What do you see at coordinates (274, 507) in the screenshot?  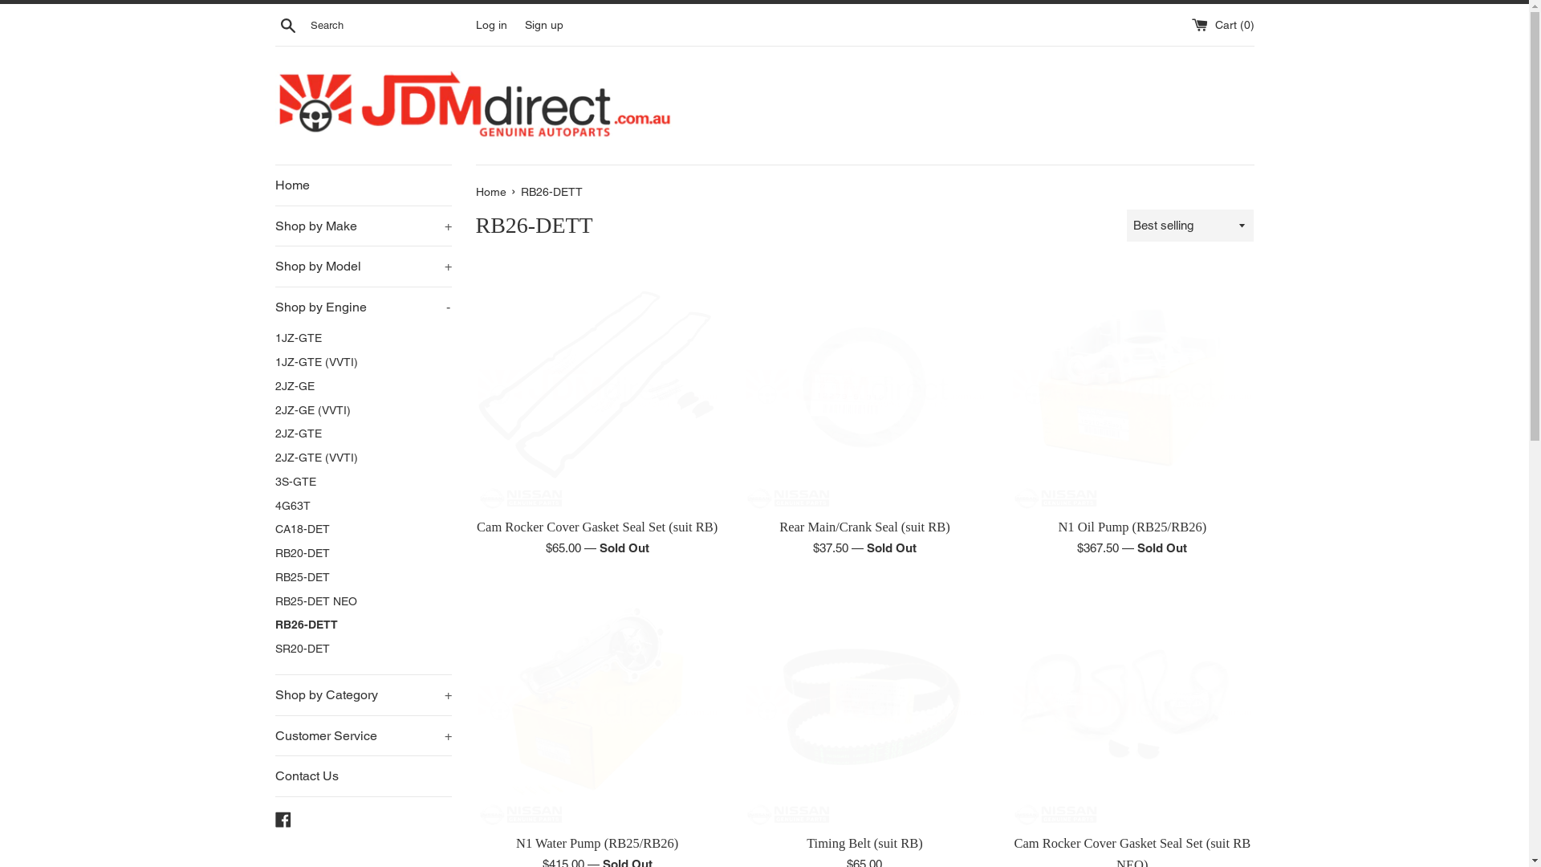 I see `'4G63T'` at bounding box center [274, 507].